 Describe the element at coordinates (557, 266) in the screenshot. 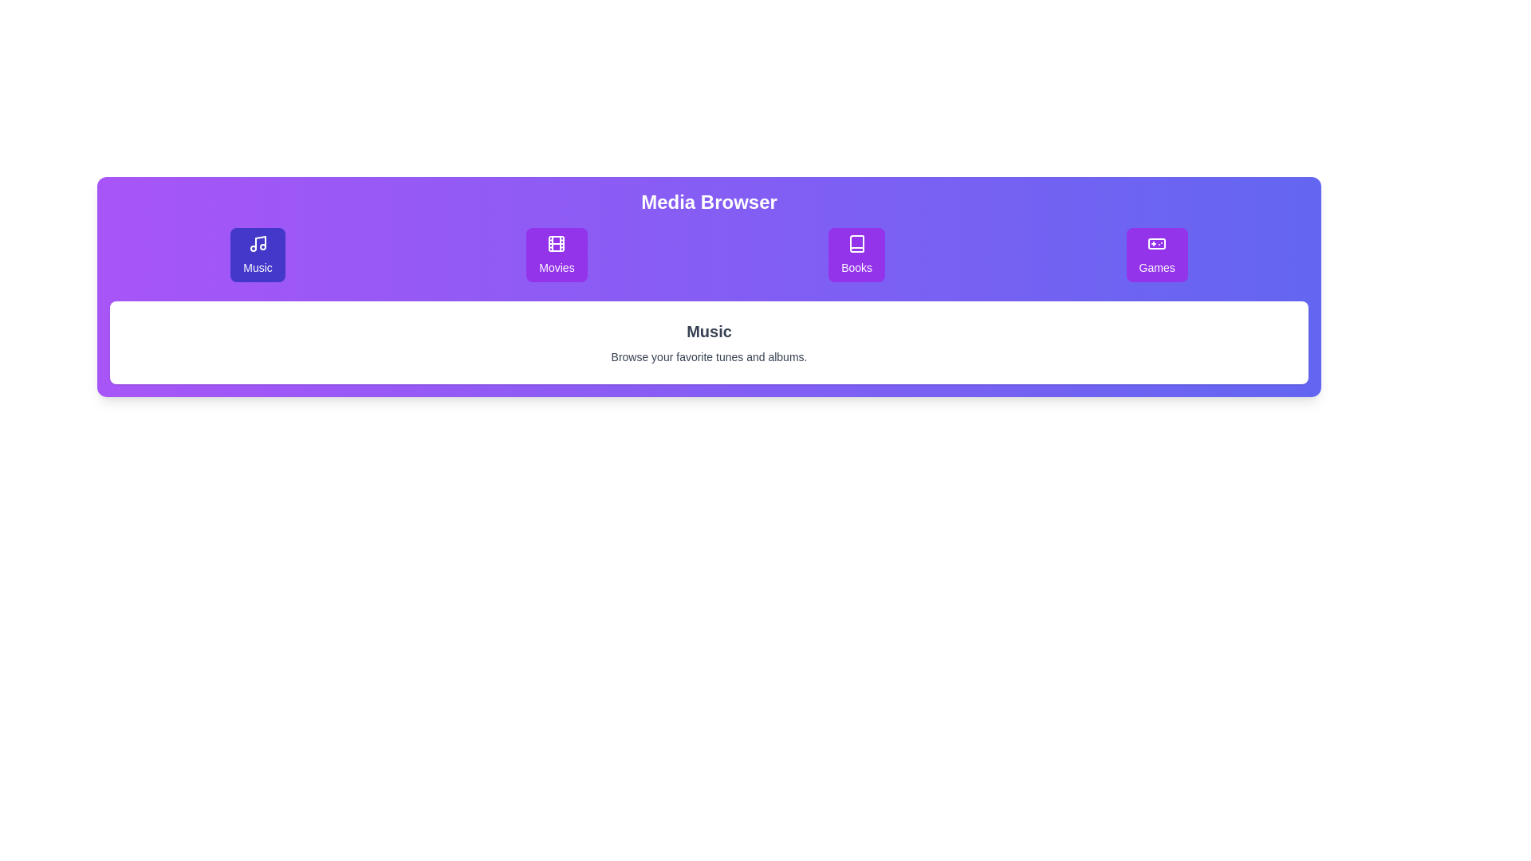

I see `the text label indicating the function of the 'Movies' navigation button, which is located at the bottom center of the button with a film reel icon above it` at that location.